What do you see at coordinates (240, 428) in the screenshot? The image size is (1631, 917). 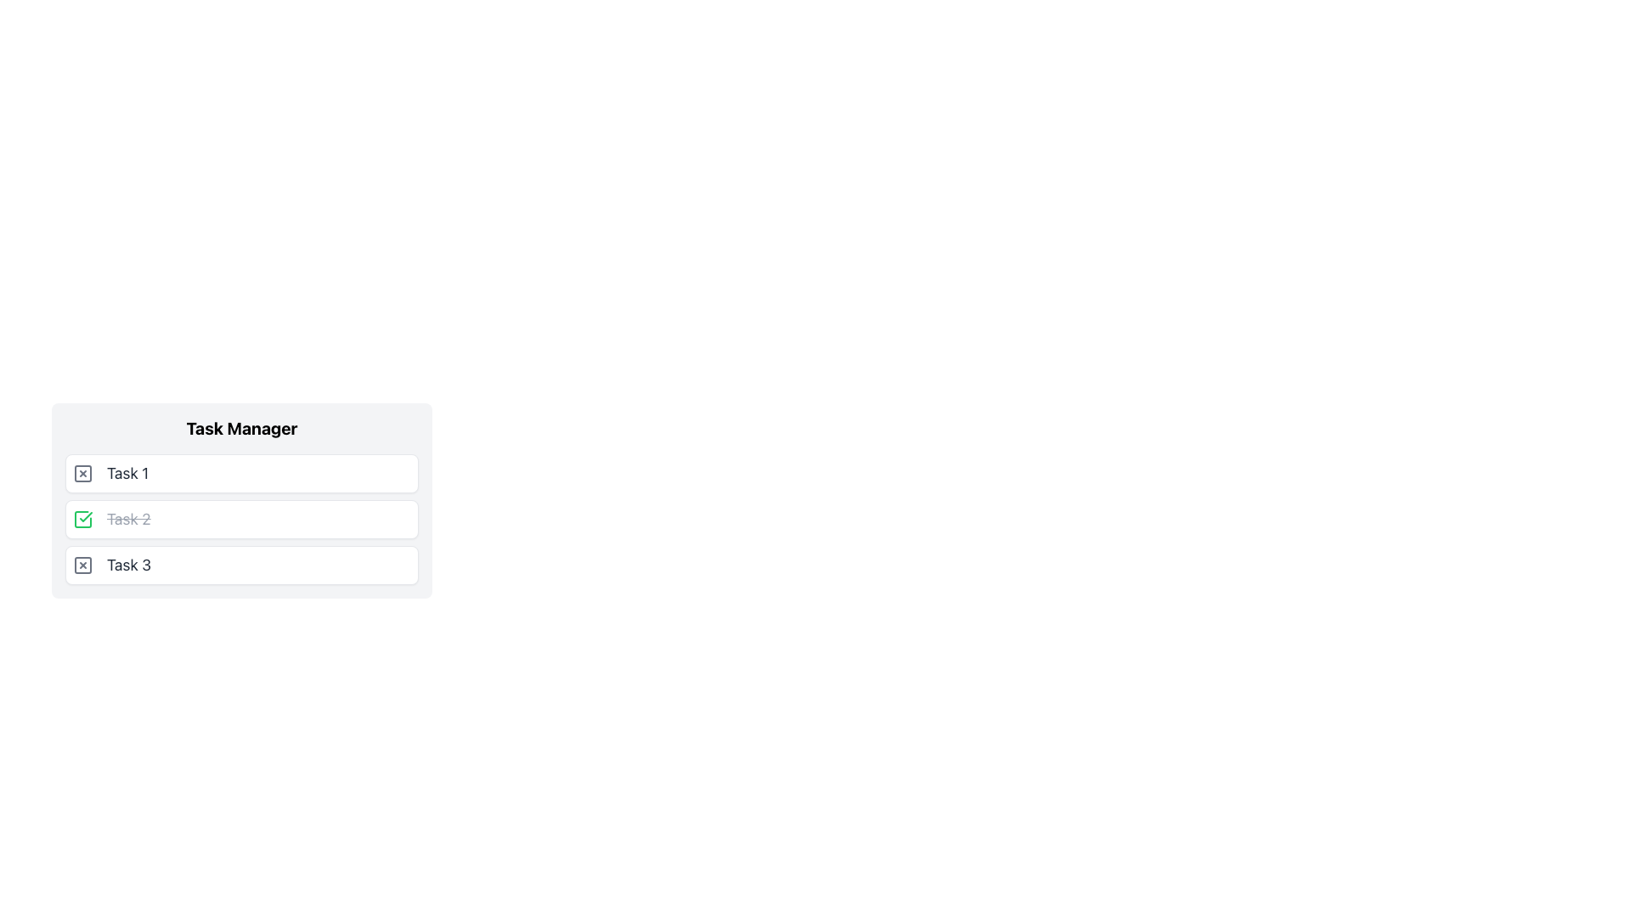 I see `the 'Task Manager' title, which is displayed in bold extra-large text and is positioned centrally above a list of tasks` at bounding box center [240, 428].